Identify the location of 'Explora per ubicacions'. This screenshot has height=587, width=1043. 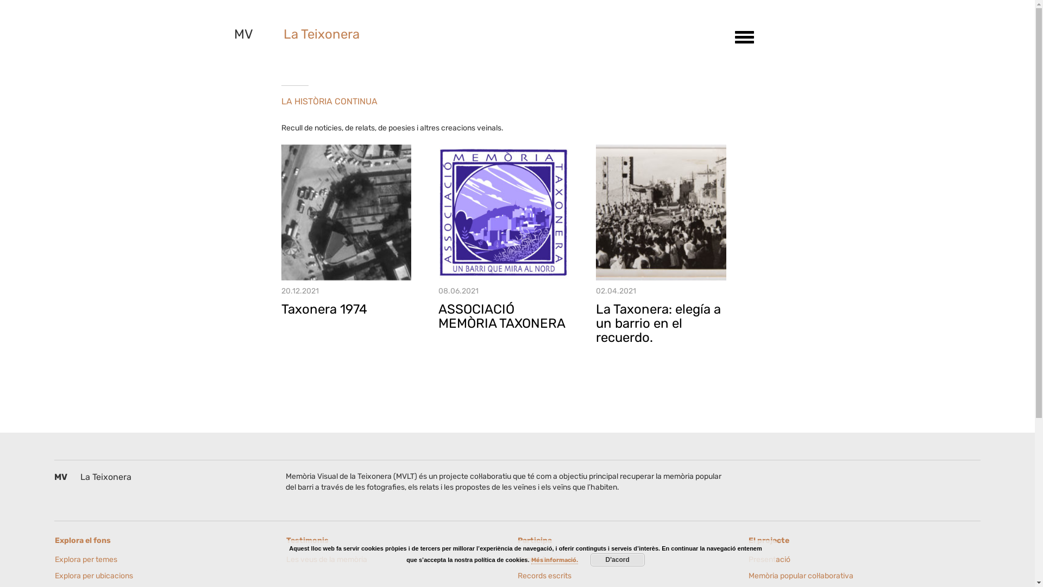
(54, 576).